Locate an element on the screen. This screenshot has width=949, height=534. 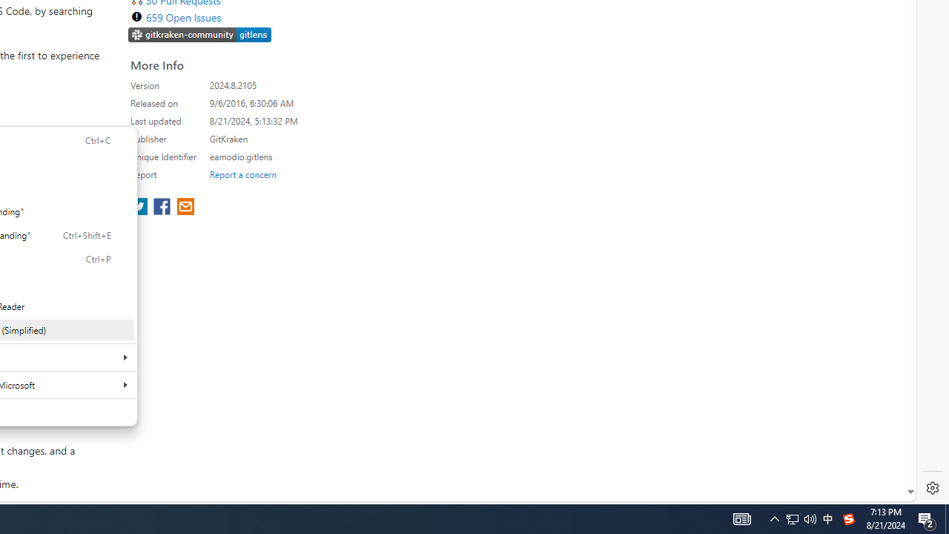
'share extension on email' is located at coordinates (184, 208).